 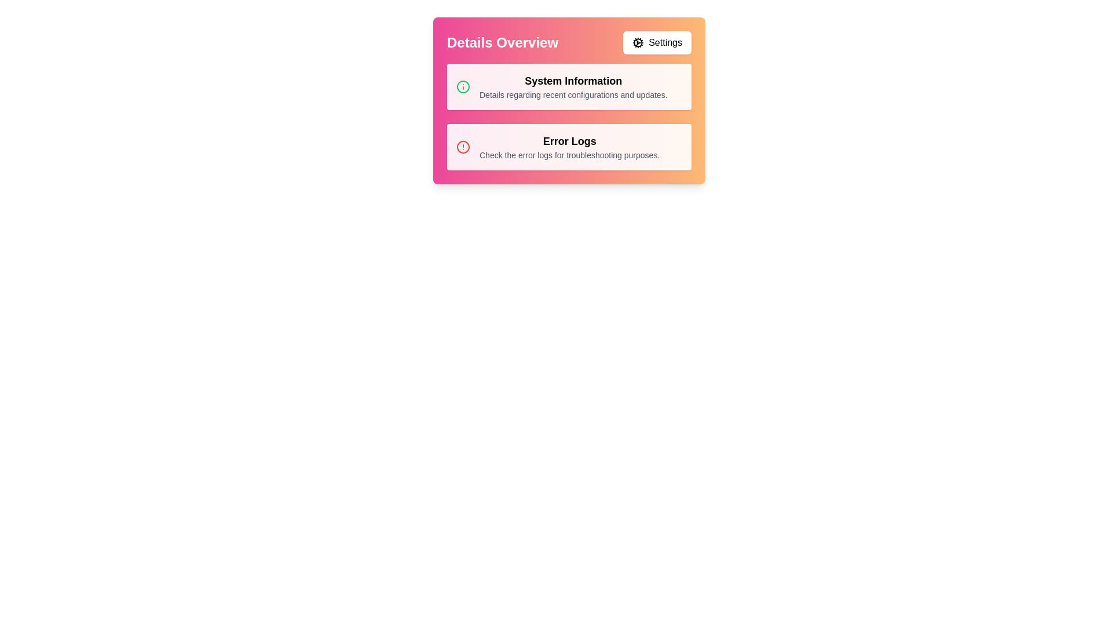 I want to click on the central circular shape of the gear icon within the settings card, located to the right of the 'Details Overview' title, so click(x=638, y=42).